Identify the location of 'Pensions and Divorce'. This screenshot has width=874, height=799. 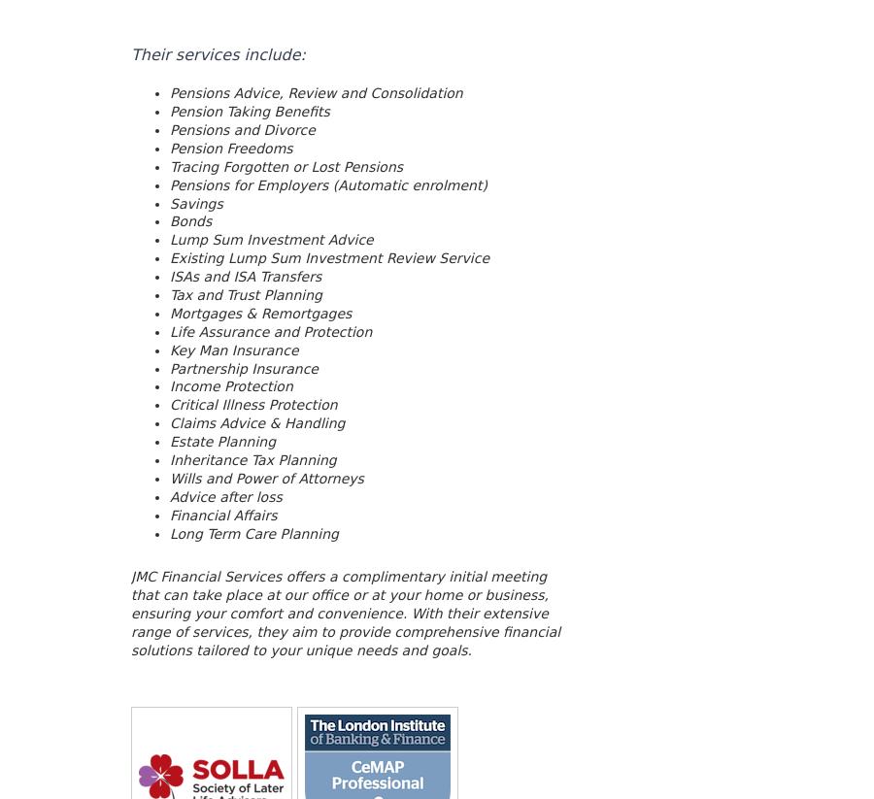
(241, 128).